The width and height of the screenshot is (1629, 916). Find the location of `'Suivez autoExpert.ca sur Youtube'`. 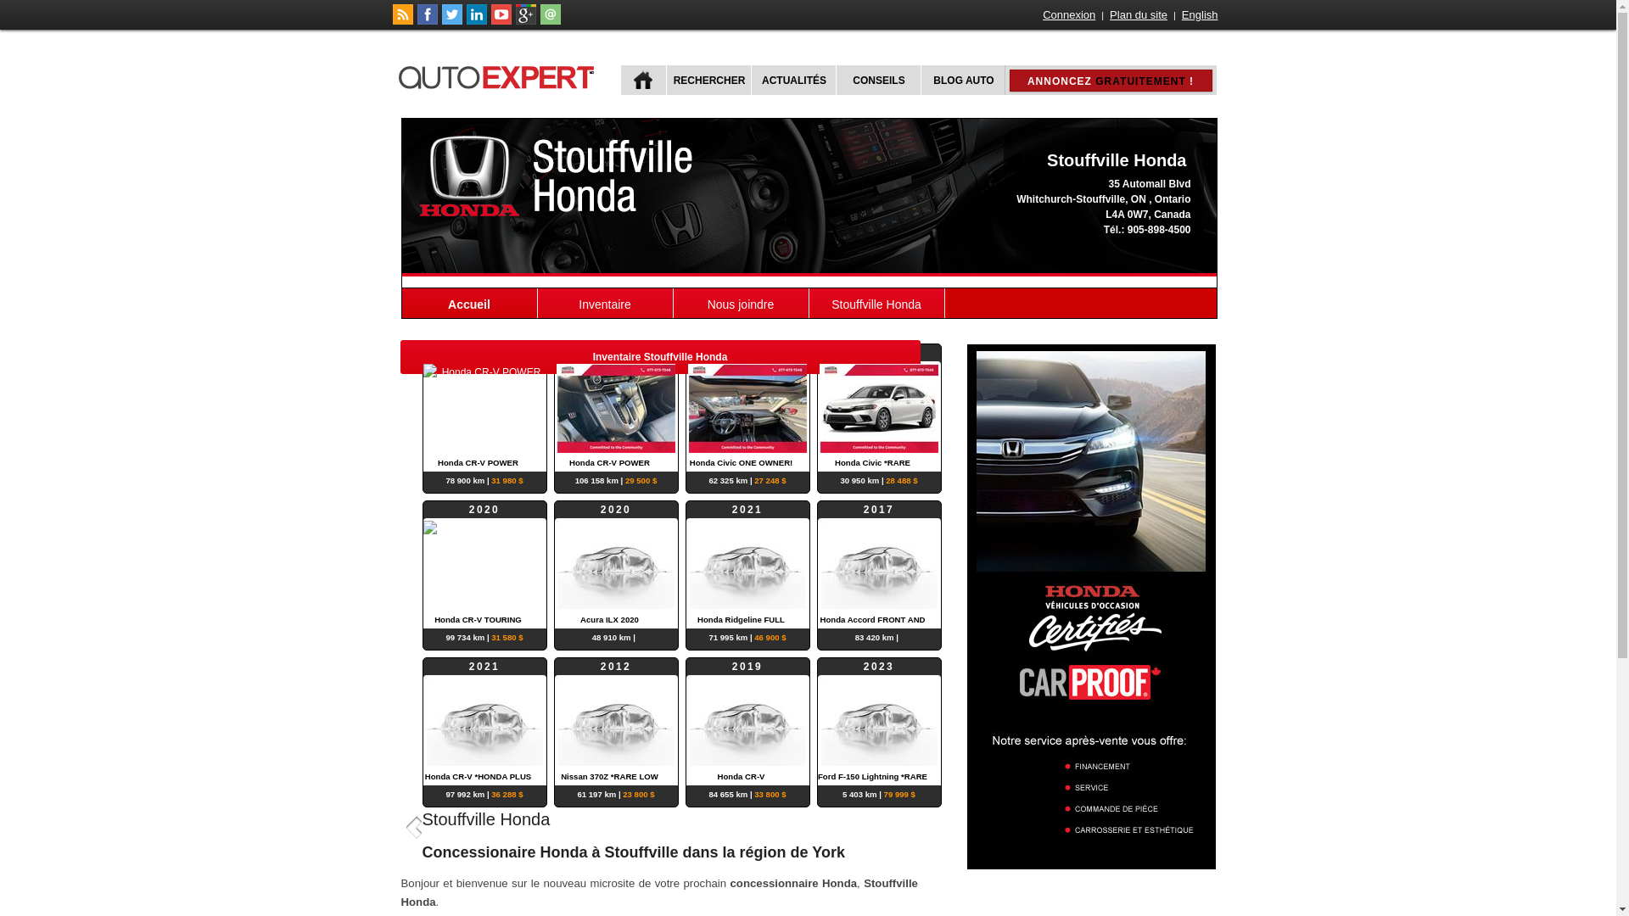

'Suivez autoExpert.ca sur Youtube' is located at coordinates (500, 20).